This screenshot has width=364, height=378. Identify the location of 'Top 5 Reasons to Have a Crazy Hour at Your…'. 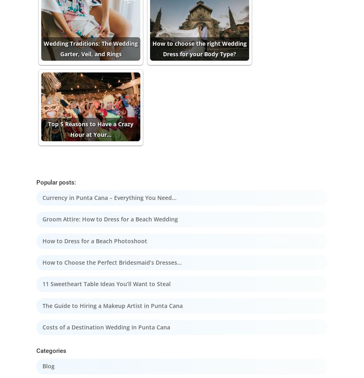
(91, 129).